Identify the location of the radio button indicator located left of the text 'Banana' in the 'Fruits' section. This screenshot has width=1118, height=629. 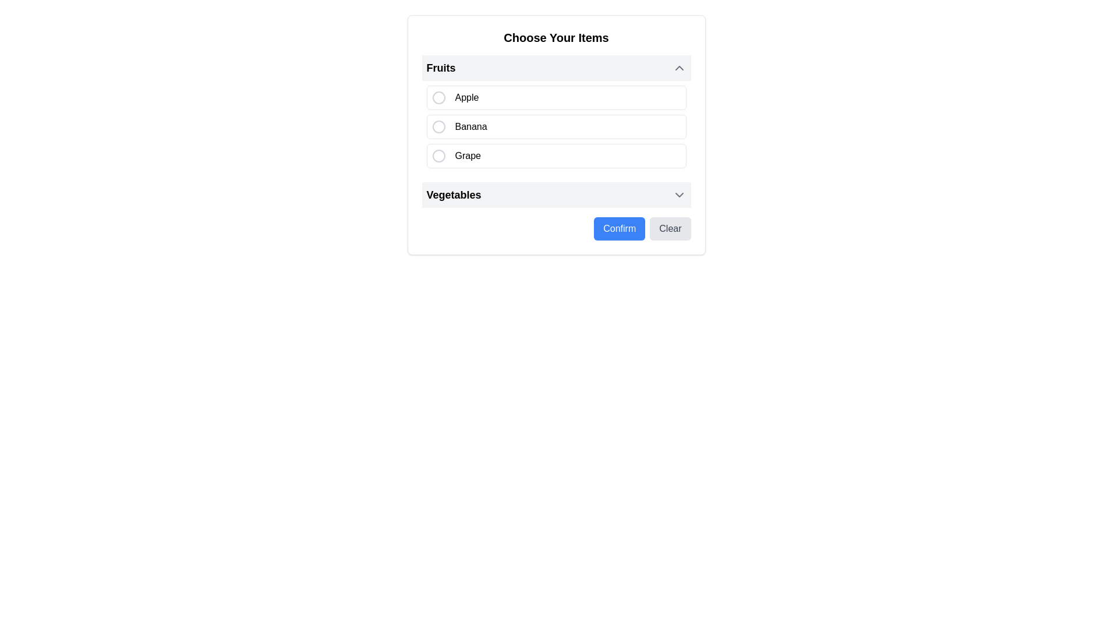
(438, 127).